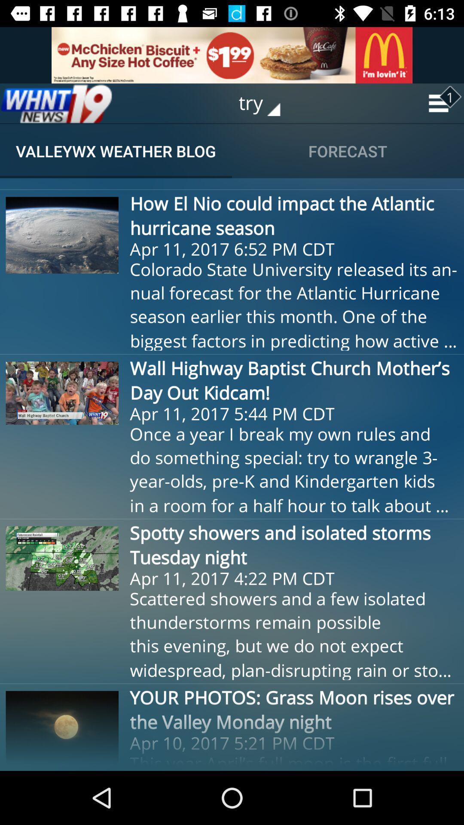 This screenshot has height=825, width=464. What do you see at coordinates (232, 55) in the screenshot?
I see `advertisement site` at bounding box center [232, 55].